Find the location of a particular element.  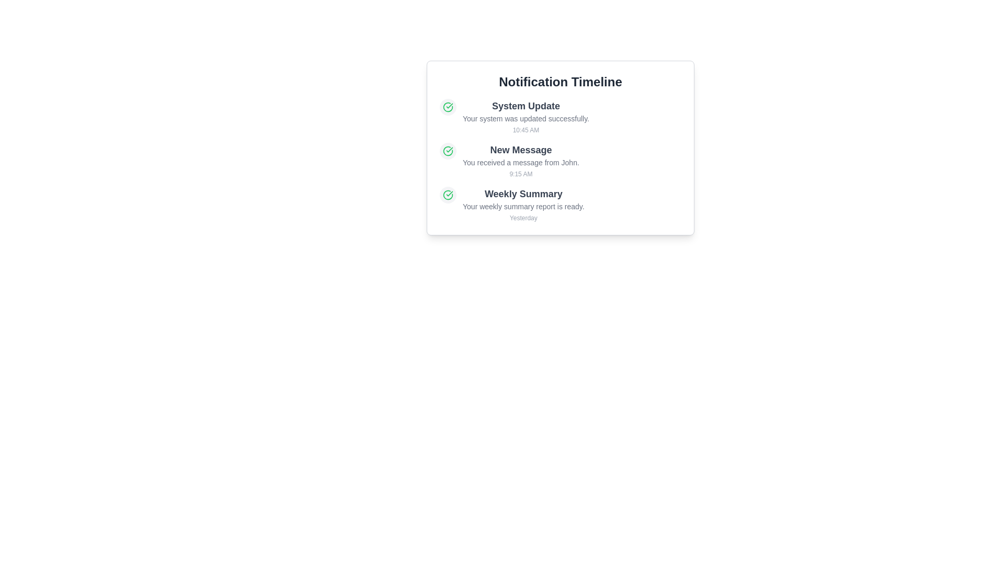

the text block that summarizes weekly activity and indicates events from 'Yesterday', which is the third item in the vertical notification timeline is located at coordinates (523, 204).